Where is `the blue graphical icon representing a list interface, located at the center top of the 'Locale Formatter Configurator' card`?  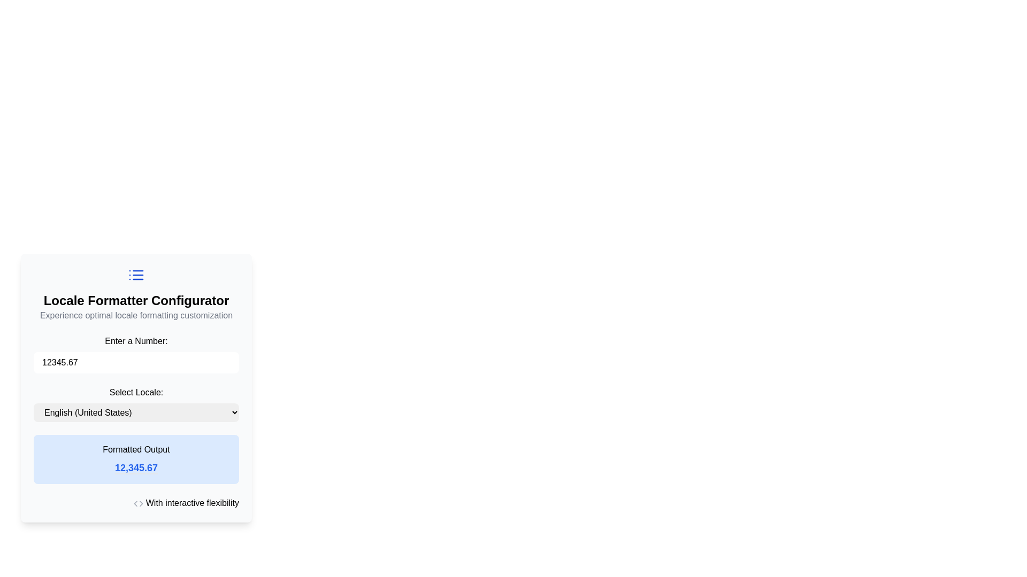 the blue graphical icon representing a list interface, located at the center top of the 'Locale Formatter Configurator' card is located at coordinates (135, 275).